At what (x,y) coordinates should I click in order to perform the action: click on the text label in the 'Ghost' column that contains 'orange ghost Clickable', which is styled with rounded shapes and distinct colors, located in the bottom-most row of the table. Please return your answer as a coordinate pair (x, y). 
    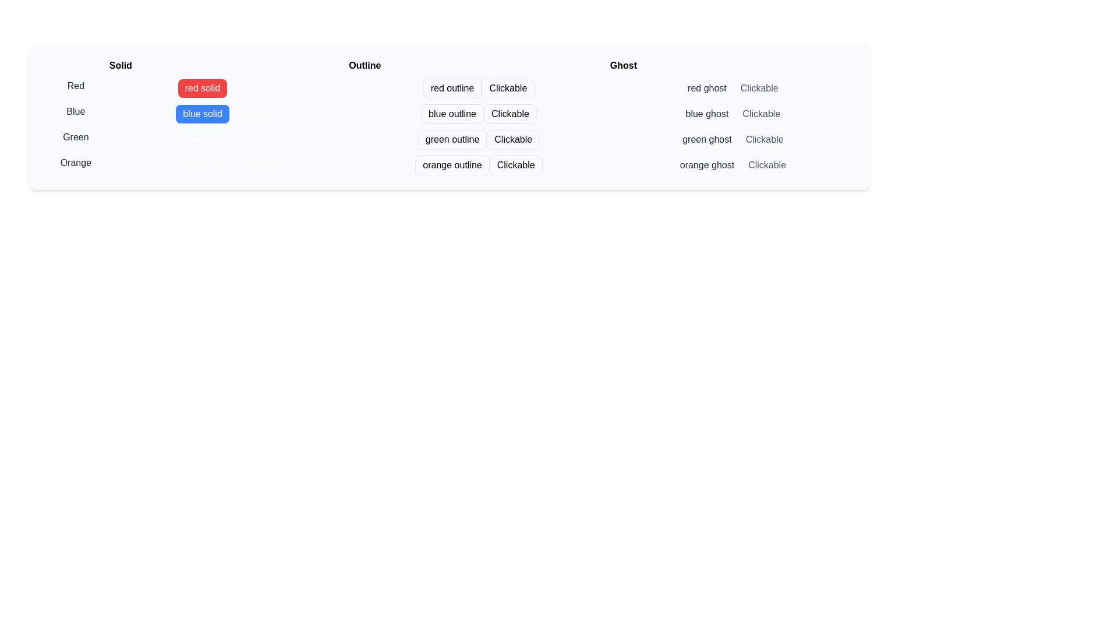
    Looking at the image, I should click on (732, 163).